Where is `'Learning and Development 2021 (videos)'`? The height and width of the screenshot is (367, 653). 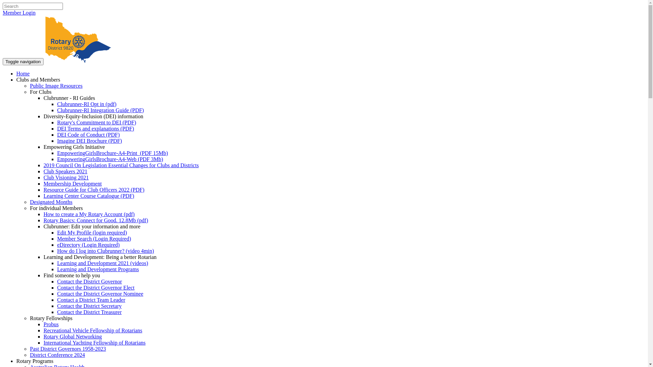 'Learning and Development 2021 (videos)' is located at coordinates (102, 263).